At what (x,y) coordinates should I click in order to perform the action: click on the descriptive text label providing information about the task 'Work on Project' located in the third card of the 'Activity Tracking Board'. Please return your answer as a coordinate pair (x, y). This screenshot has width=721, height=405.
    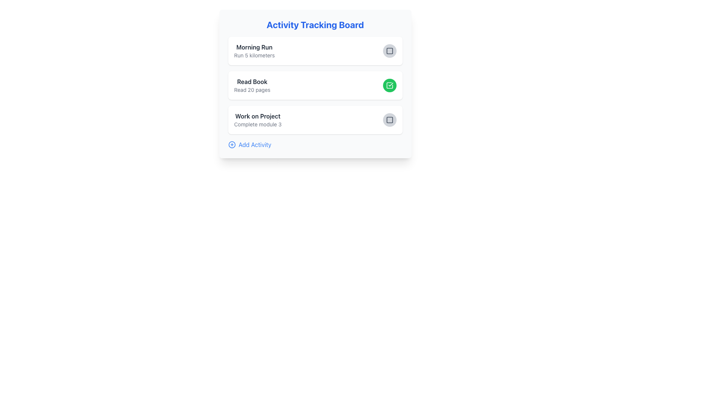
    Looking at the image, I should click on (258, 124).